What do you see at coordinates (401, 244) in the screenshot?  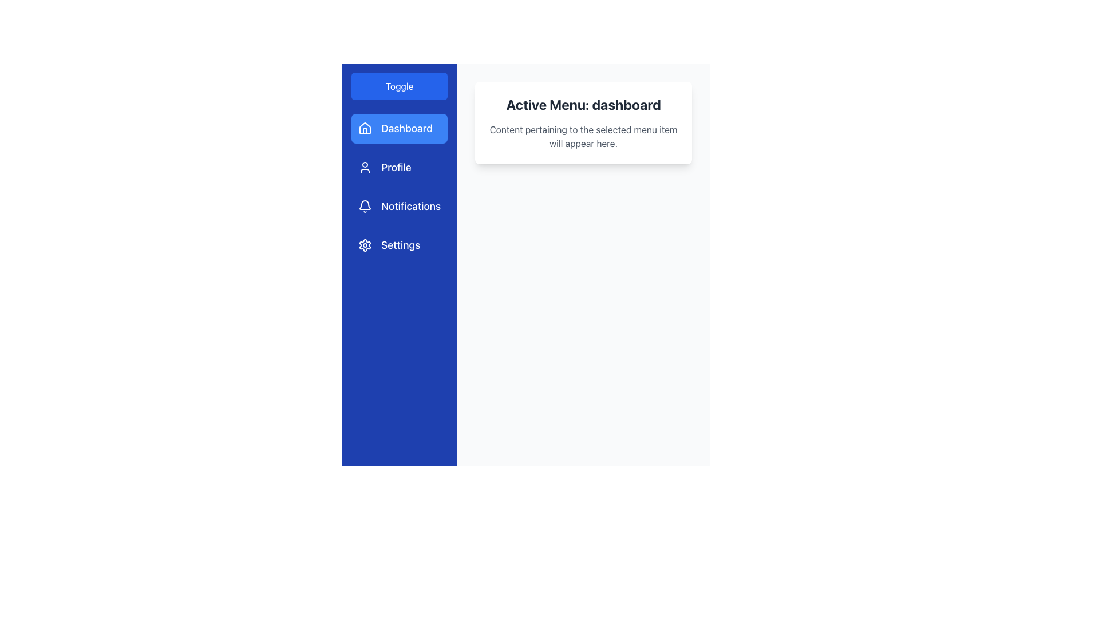 I see `the 'Settings' text label within the vertical navigation menu to trigger the UI effect` at bounding box center [401, 244].